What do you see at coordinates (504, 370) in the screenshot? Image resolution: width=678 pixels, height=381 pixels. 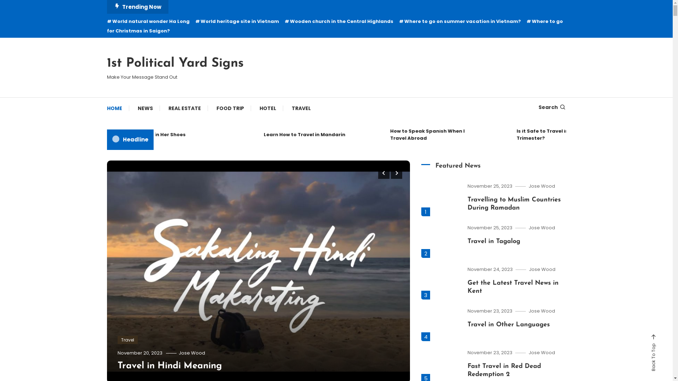 I see `'Fast Travel in Red Dead Redemption 2'` at bounding box center [504, 370].